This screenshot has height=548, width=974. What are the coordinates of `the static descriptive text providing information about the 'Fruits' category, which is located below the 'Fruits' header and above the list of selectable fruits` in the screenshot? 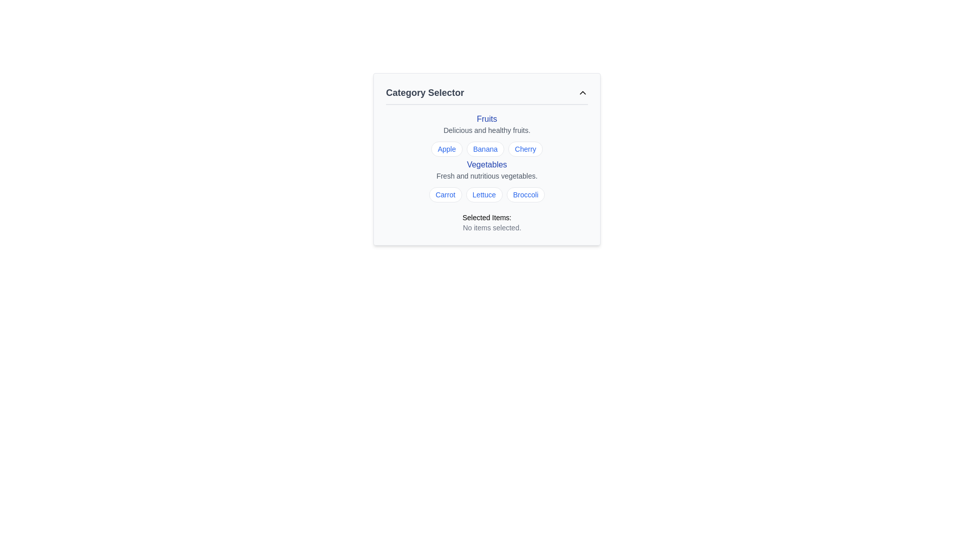 It's located at (487, 130).